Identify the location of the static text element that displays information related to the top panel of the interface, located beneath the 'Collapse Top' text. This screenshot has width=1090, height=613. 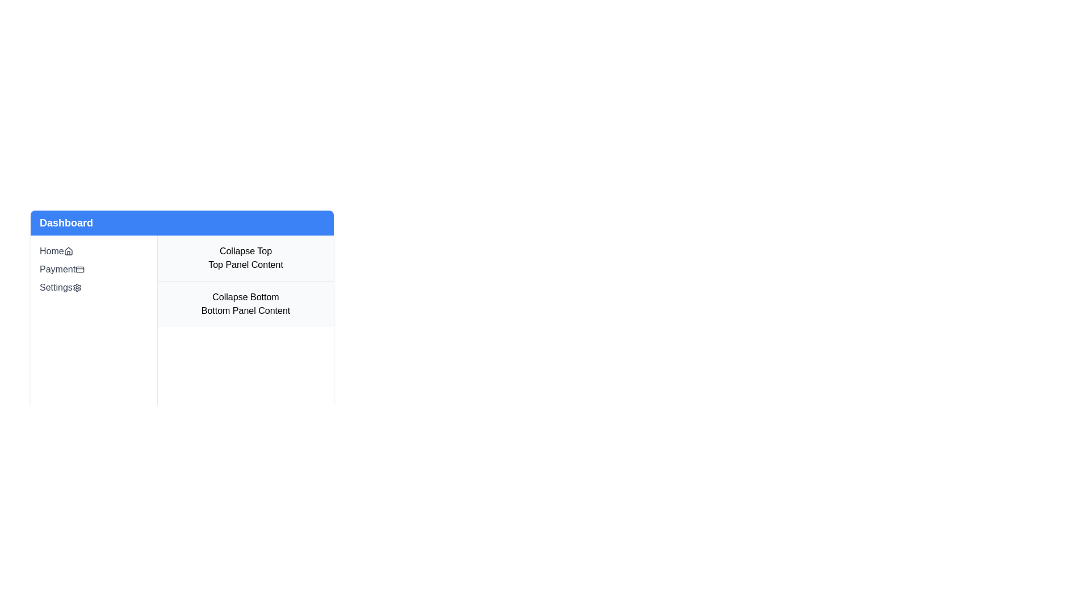
(245, 264).